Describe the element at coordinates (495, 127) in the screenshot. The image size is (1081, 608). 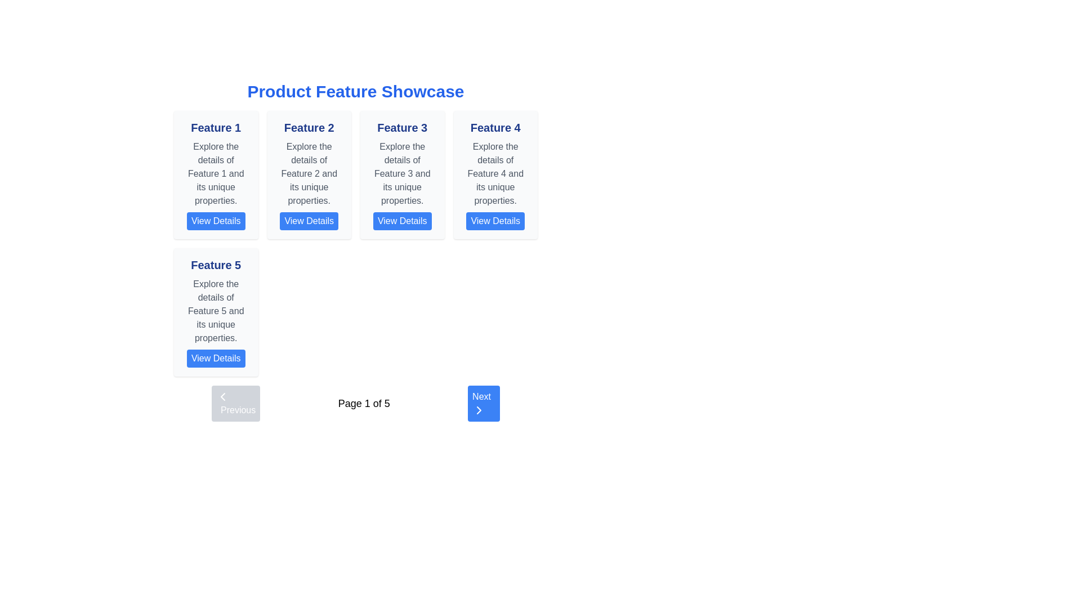
I see `the headline text located in the fourth feature card for copying` at that location.